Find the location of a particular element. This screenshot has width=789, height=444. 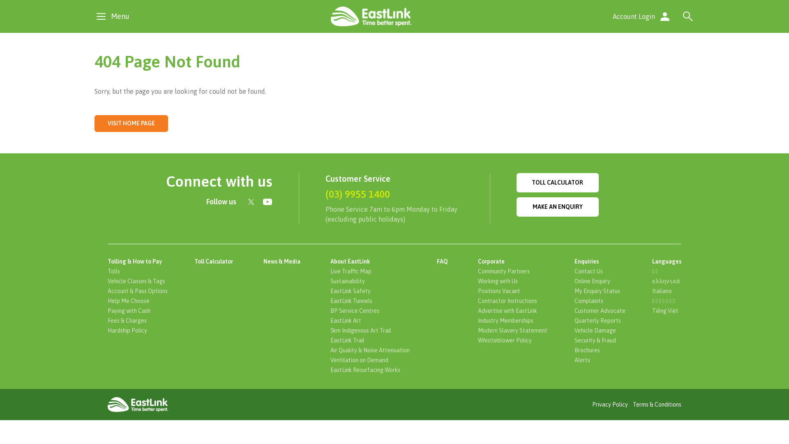

'Enquiries' is located at coordinates (591, 261).